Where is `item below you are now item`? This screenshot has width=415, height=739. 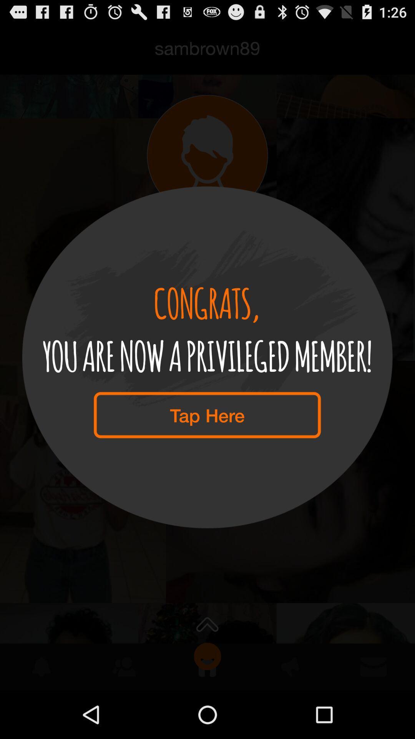
item below you are now item is located at coordinates (207, 415).